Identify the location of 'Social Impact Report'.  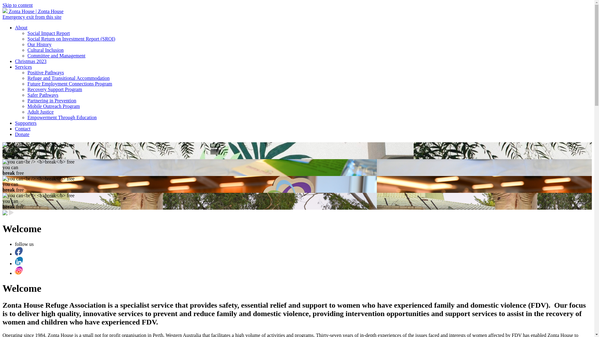
(48, 33).